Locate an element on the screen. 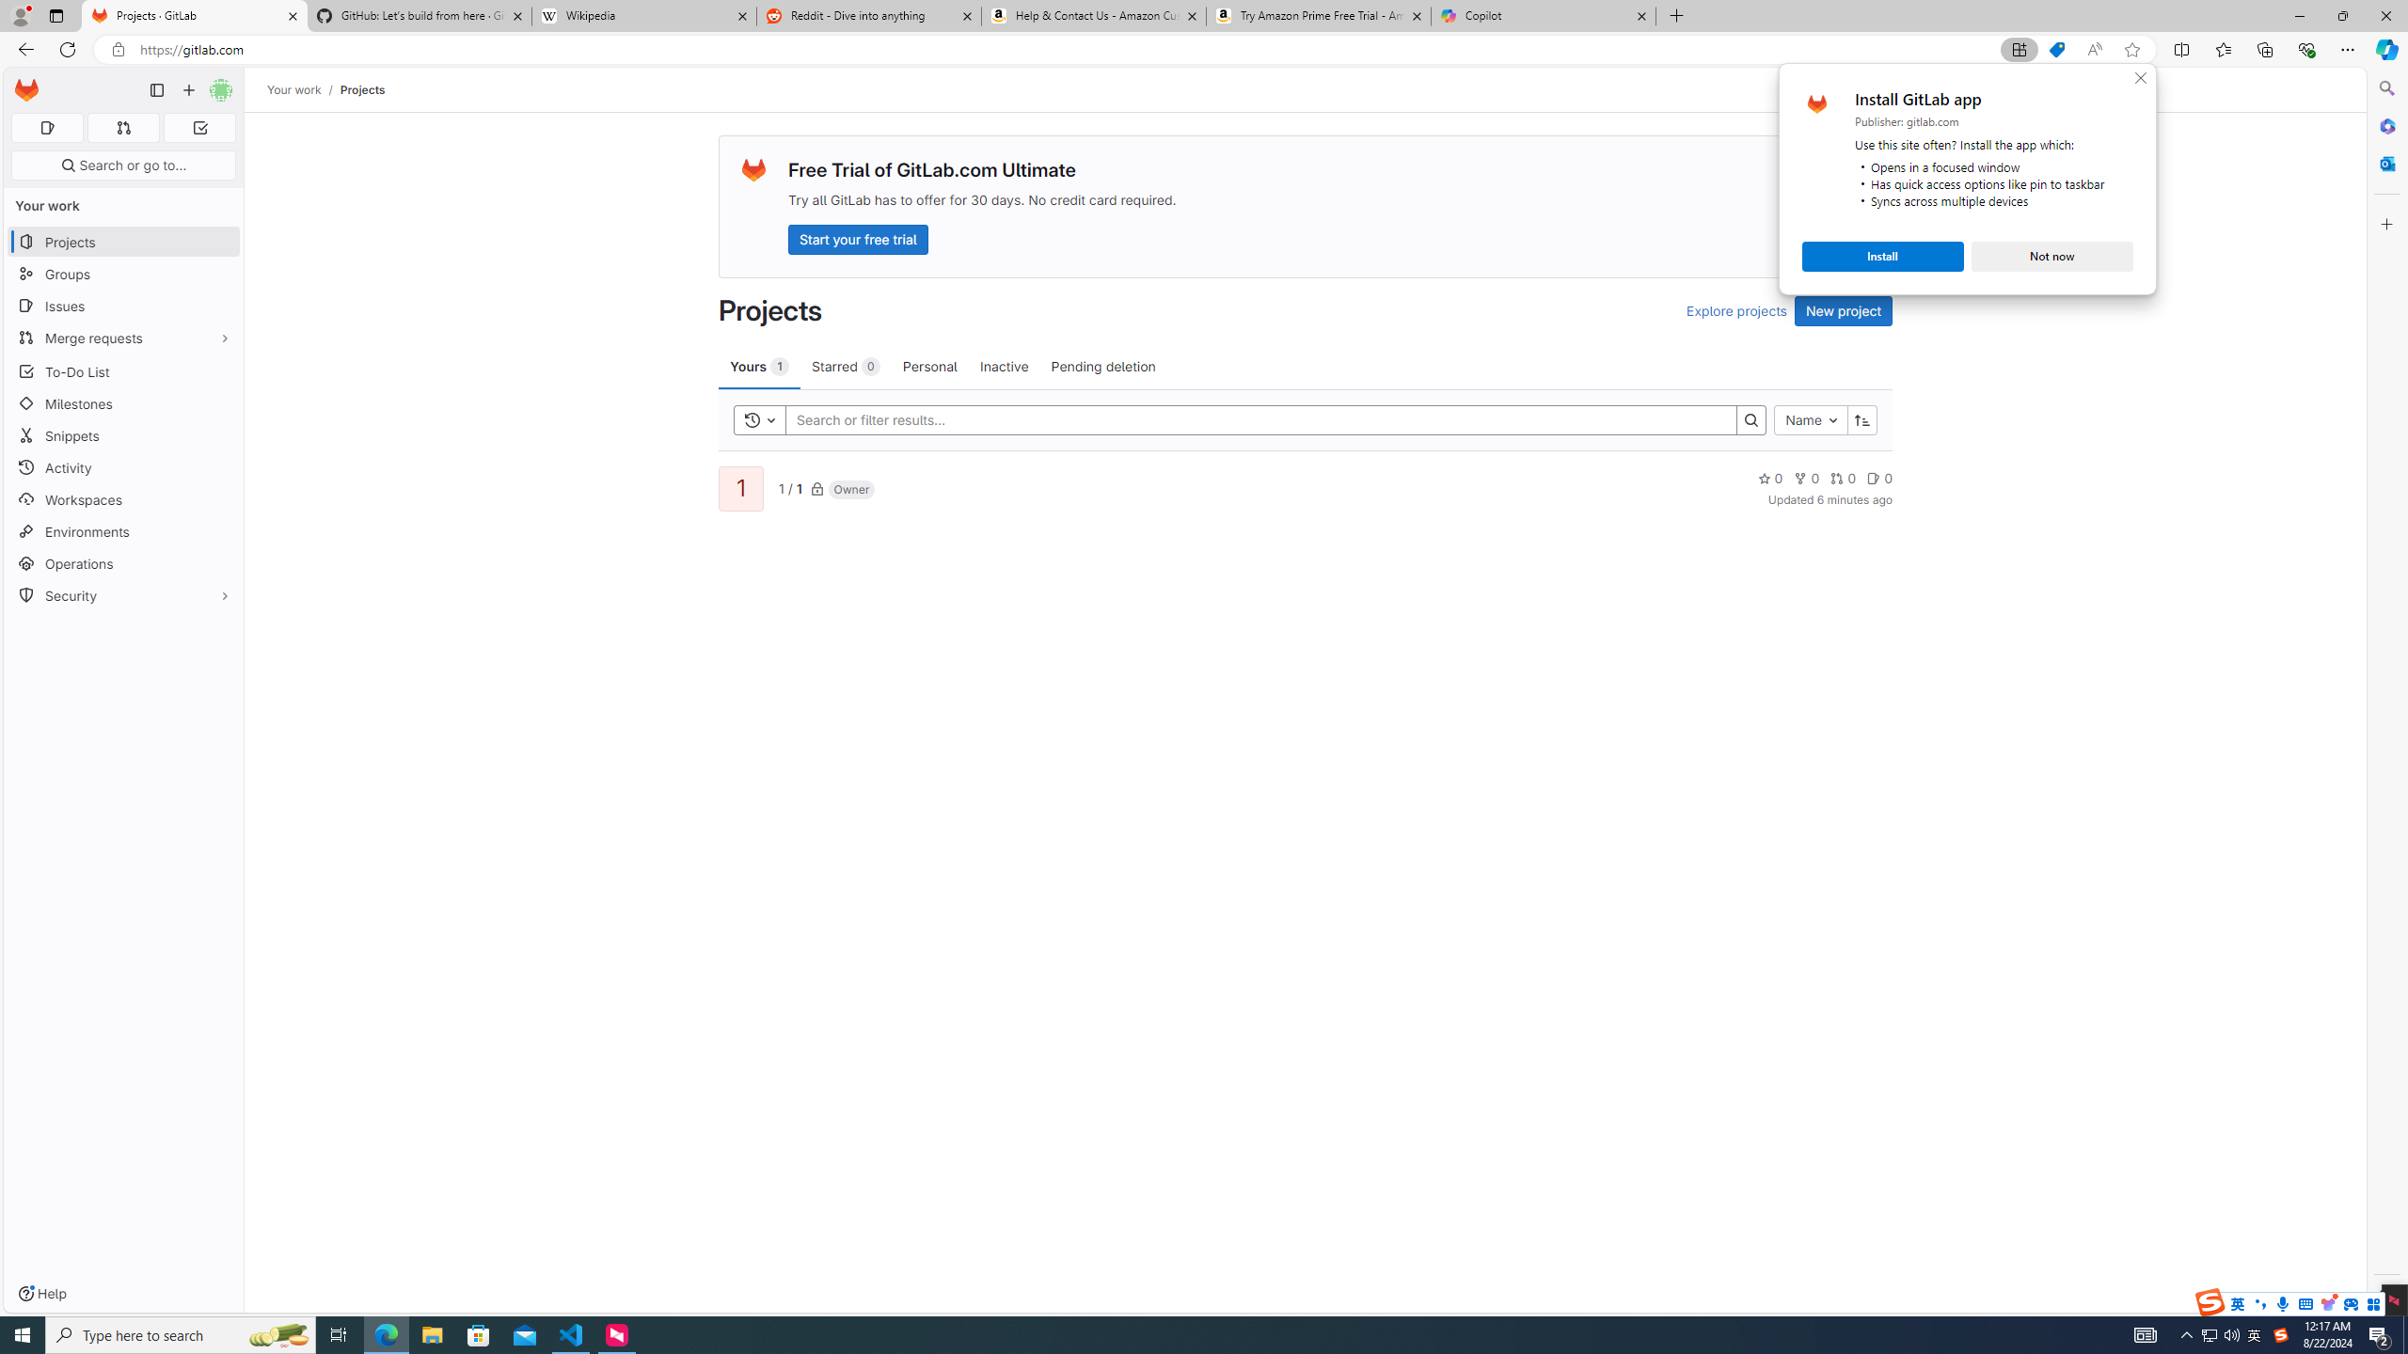 This screenshot has height=1354, width=2408. 'User Promoted Notification Area' is located at coordinates (2280, 1333).